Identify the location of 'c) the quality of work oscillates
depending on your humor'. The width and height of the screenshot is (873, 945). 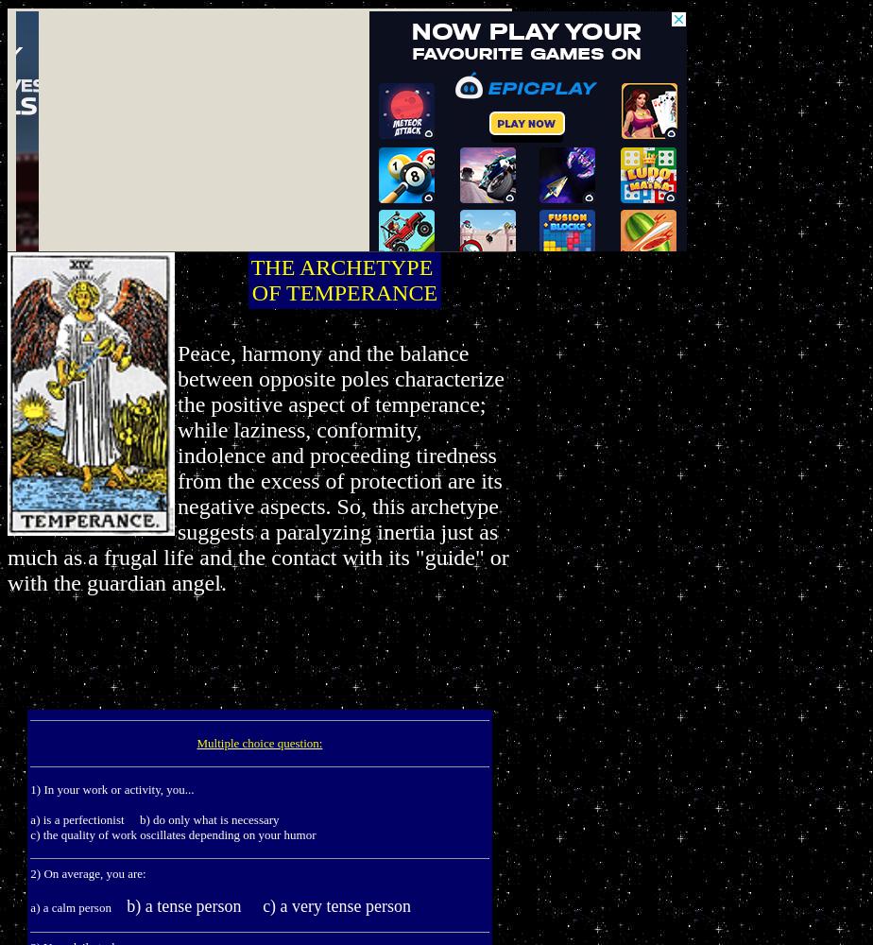
(173, 834).